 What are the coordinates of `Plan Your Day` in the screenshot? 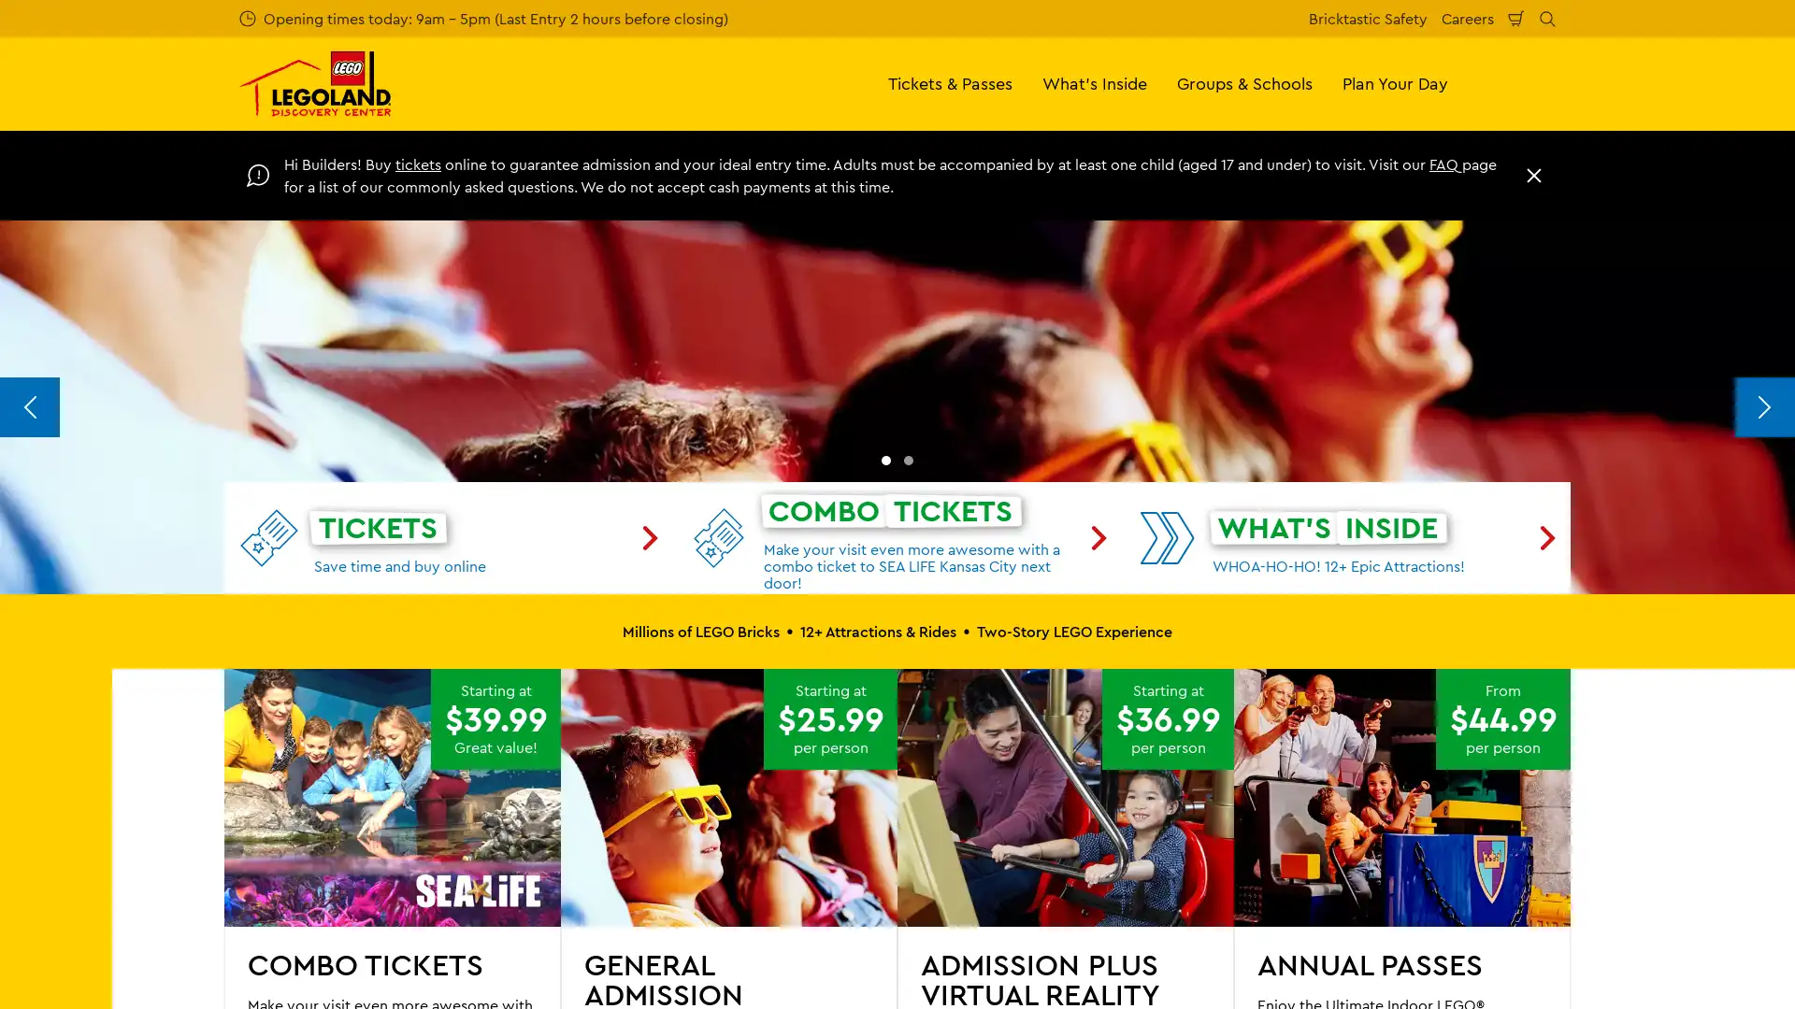 It's located at (1395, 82).